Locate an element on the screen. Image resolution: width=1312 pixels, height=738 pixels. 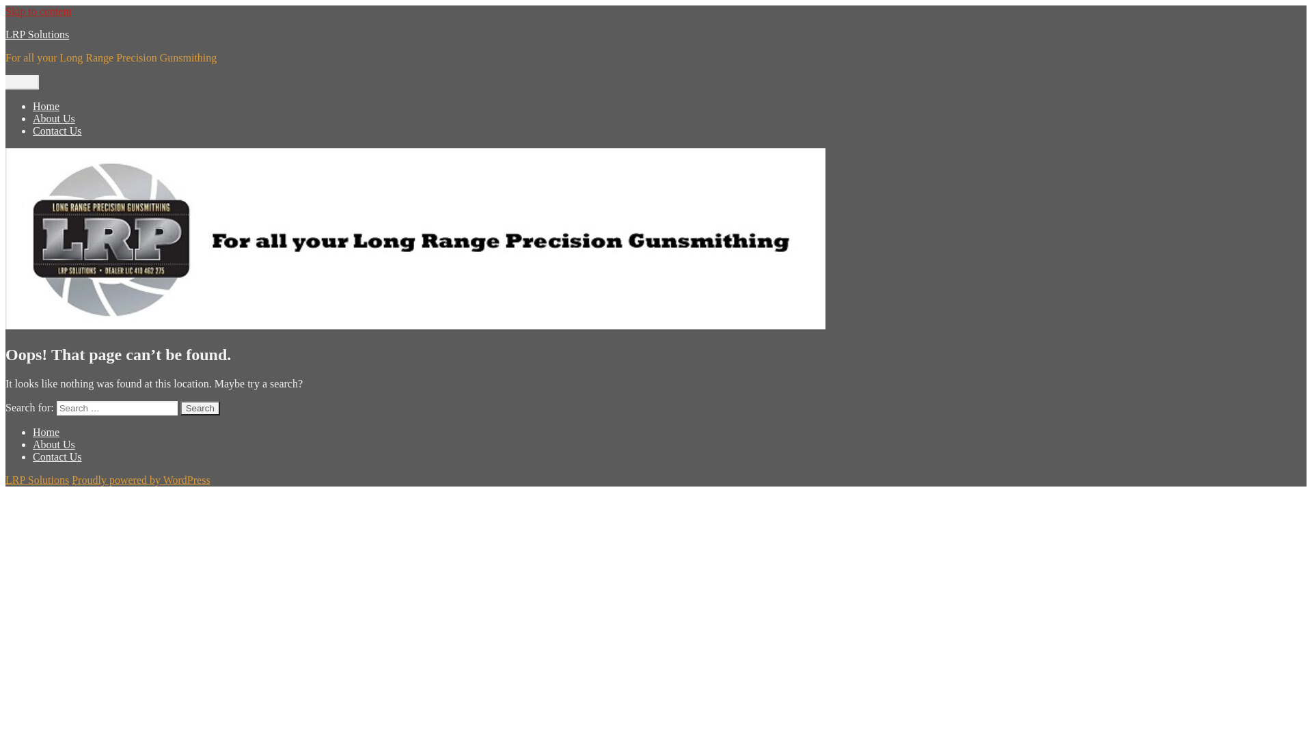
'Contact Us' is located at coordinates (56, 131).